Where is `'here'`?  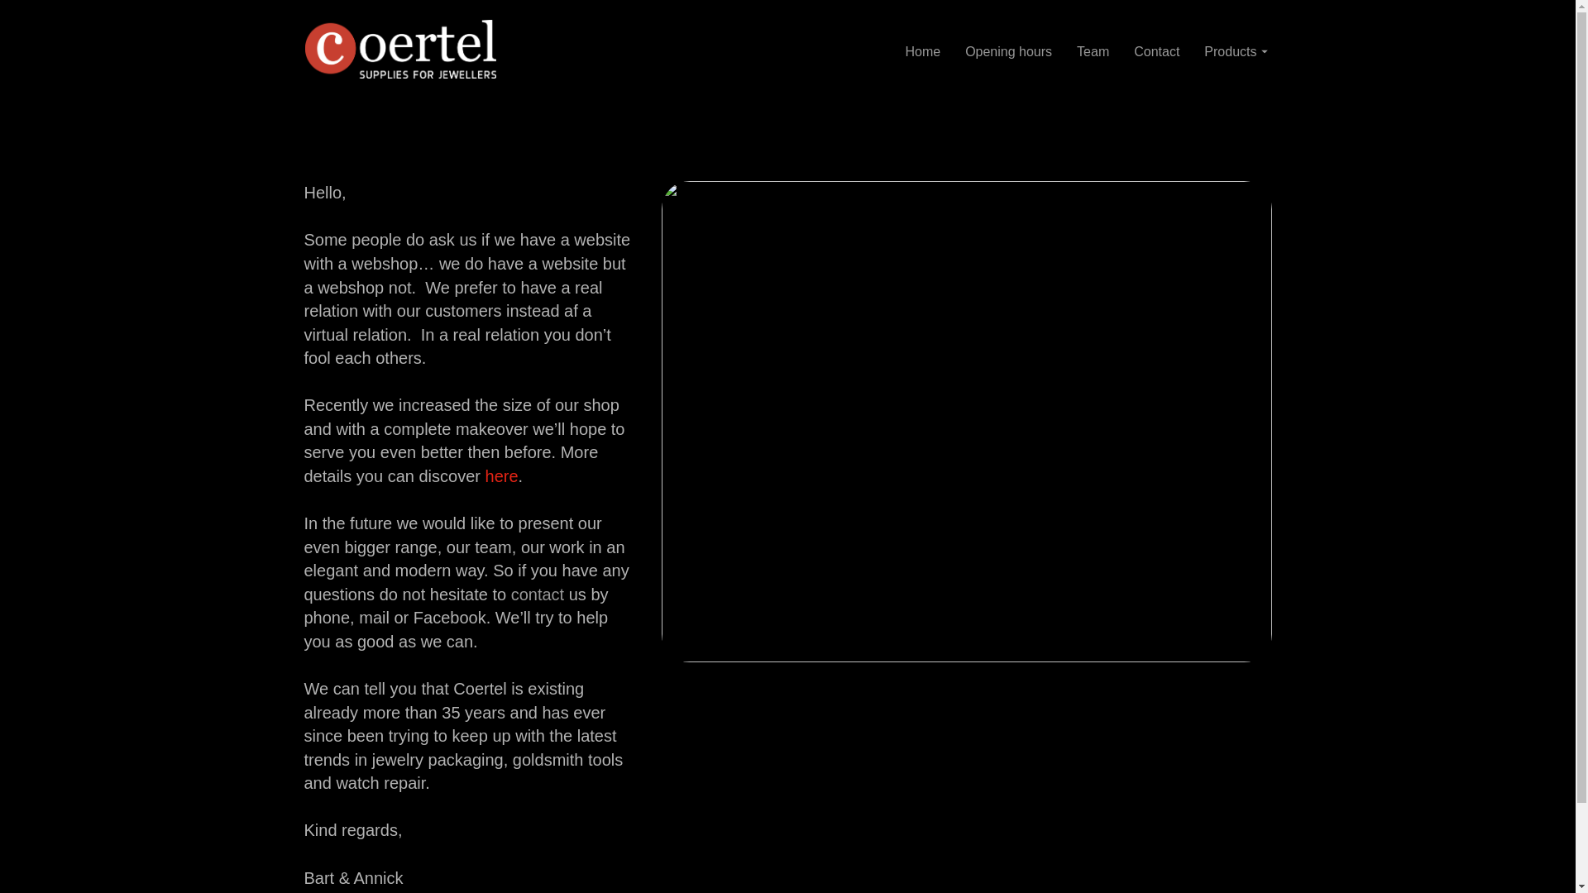
'here' is located at coordinates (500, 475).